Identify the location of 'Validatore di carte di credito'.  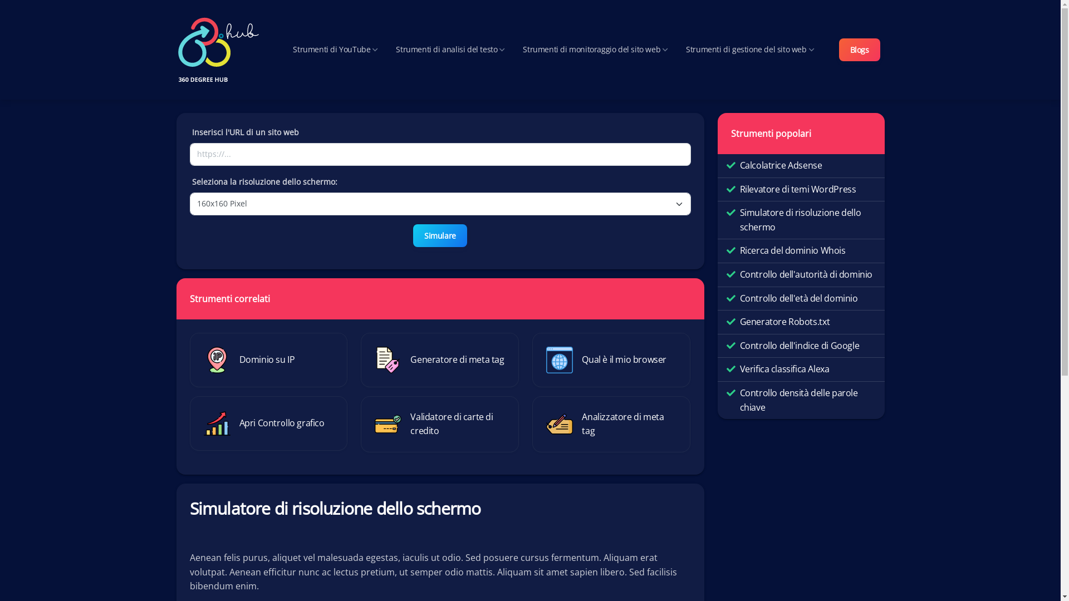
(439, 424).